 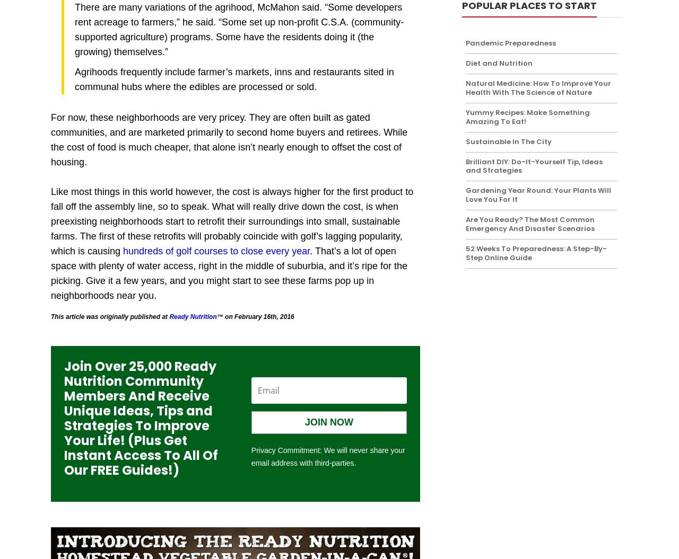 What do you see at coordinates (510, 43) in the screenshot?
I see `'Pandemic Preparedness'` at bounding box center [510, 43].